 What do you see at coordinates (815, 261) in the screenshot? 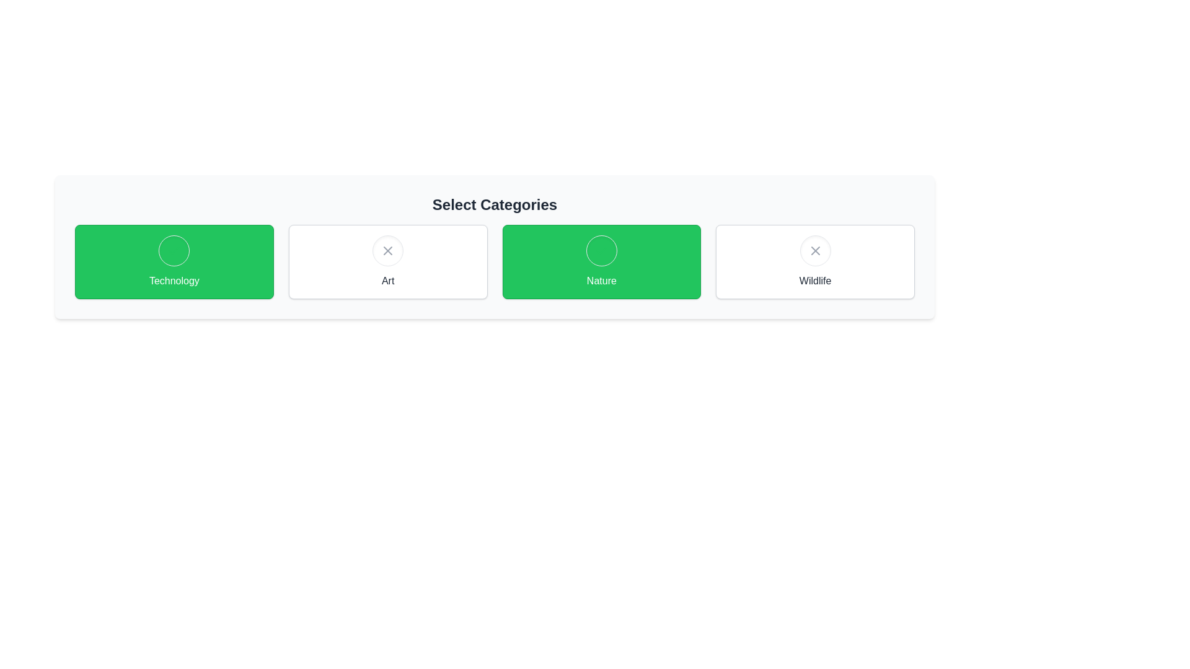
I see `the category chip labeled Wildlife` at bounding box center [815, 261].